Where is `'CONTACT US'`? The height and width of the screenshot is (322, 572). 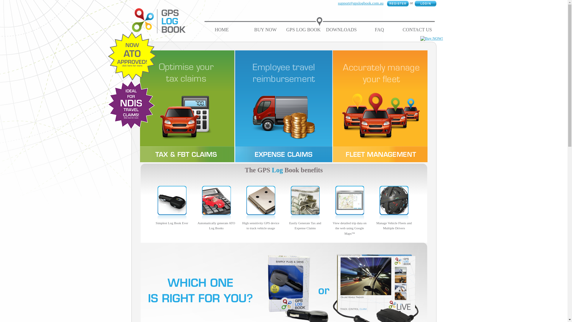 'CONTACT US' is located at coordinates (417, 30).